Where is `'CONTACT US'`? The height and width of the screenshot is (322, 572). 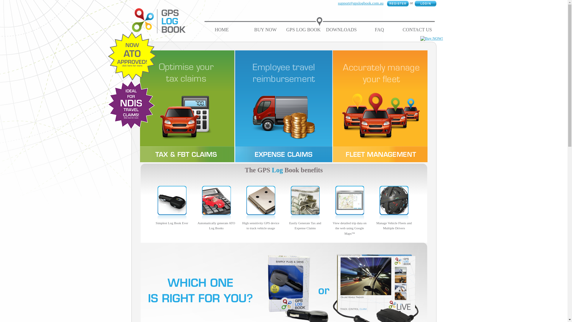 'CONTACT US' is located at coordinates (417, 30).